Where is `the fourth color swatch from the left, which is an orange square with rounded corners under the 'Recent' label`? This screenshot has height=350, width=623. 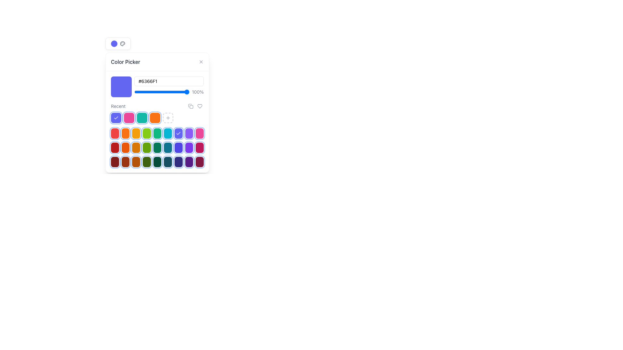 the fourth color swatch from the left, which is an orange square with rounded corners under the 'Recent' label is located at coordinates (157, 112).